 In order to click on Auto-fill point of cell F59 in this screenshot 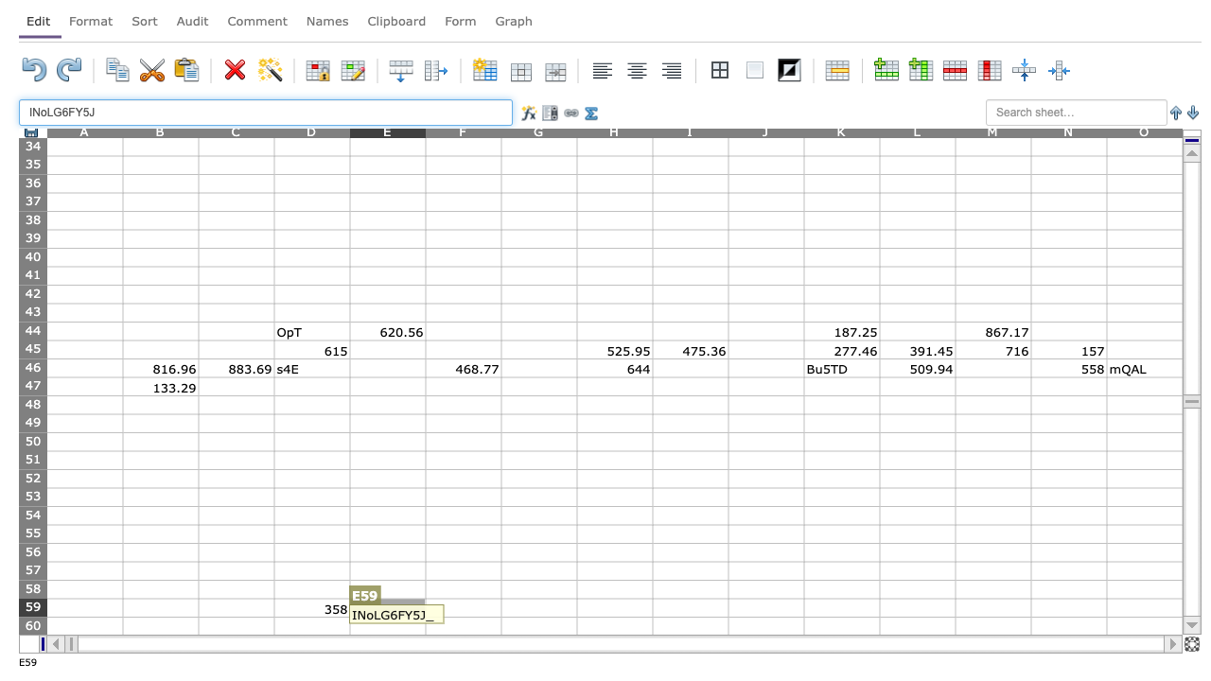, I will do `click(501, 617)`.